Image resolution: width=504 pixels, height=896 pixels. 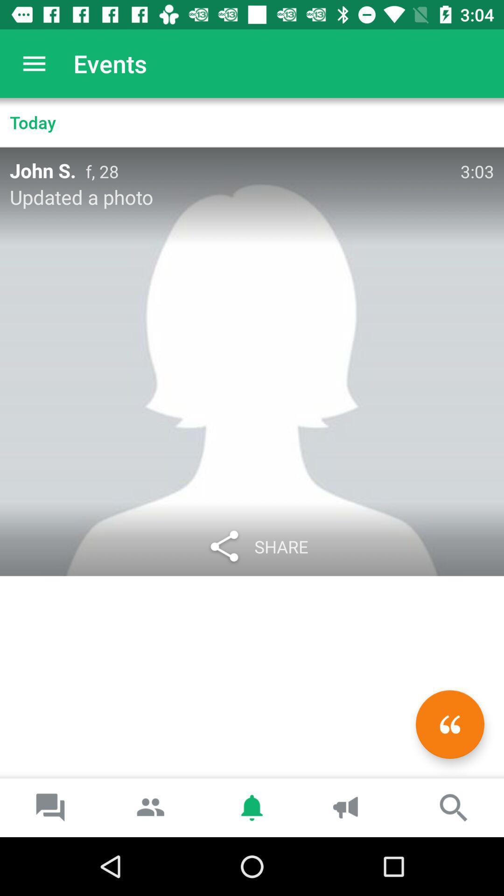 I want to click on caption, so click(x=449, y=724).